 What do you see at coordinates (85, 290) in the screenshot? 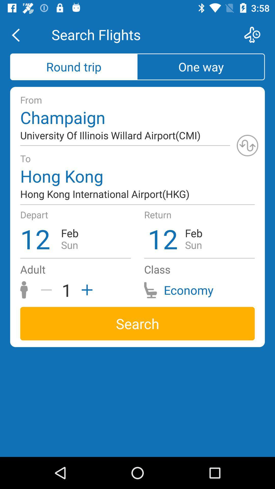
I see `adult traveler` at bounding box center [85, 290].